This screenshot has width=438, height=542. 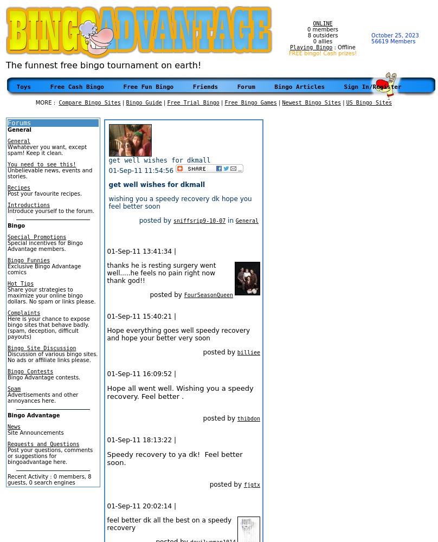 I want to click on 'Newest Bingo Sites', so click(x=311, y=102).